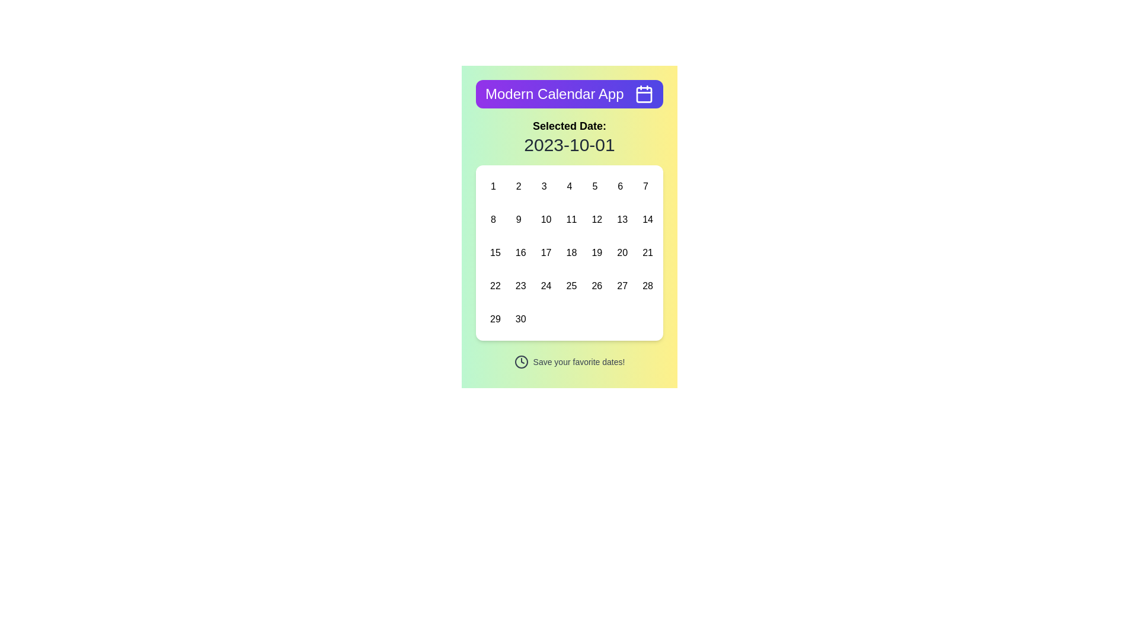 This screenshot has width=1138, height=640. What do you see at coordinates (594, 187) in the screenshot?
I see `the selectable day button '5' in the calendar interface` at bounding box center [594, 187].